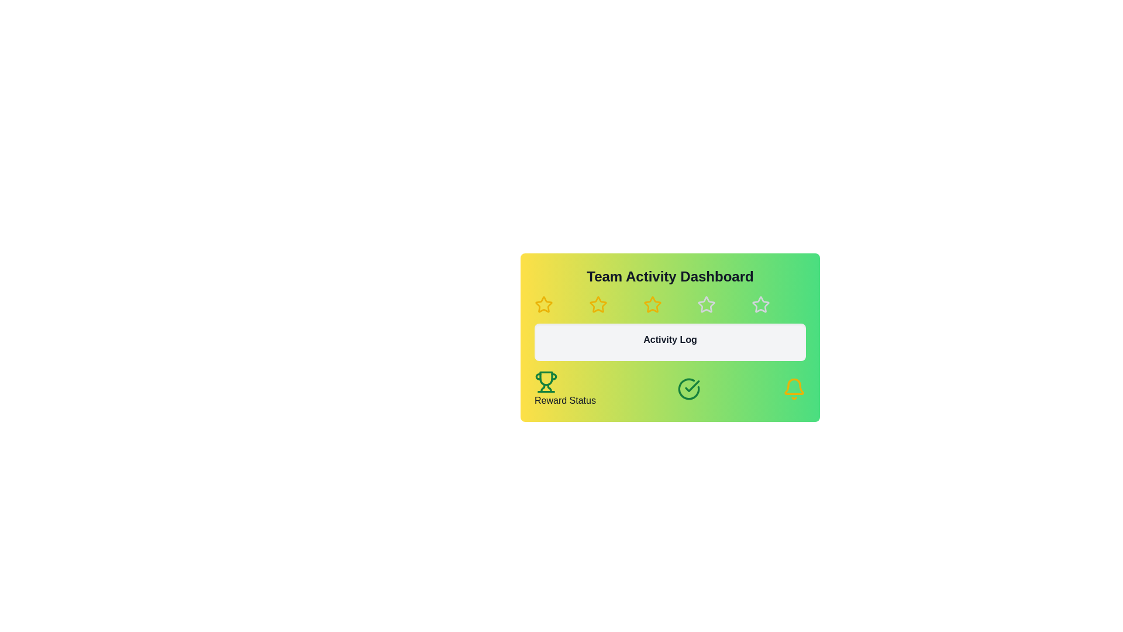 The image size is (1123, 632). Describe the element at coordinates (598, 304) in the screenshot. I see `the yellow star icon with a hollow center, the second in a row of five star icons in the 'Team Activity Dashboard'` at that location.